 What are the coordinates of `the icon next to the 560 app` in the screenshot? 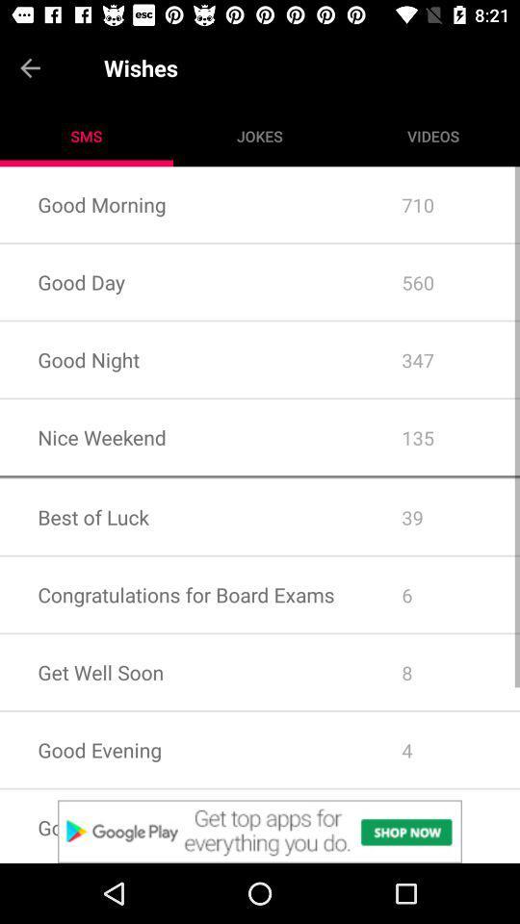 It's located at (182, 358).